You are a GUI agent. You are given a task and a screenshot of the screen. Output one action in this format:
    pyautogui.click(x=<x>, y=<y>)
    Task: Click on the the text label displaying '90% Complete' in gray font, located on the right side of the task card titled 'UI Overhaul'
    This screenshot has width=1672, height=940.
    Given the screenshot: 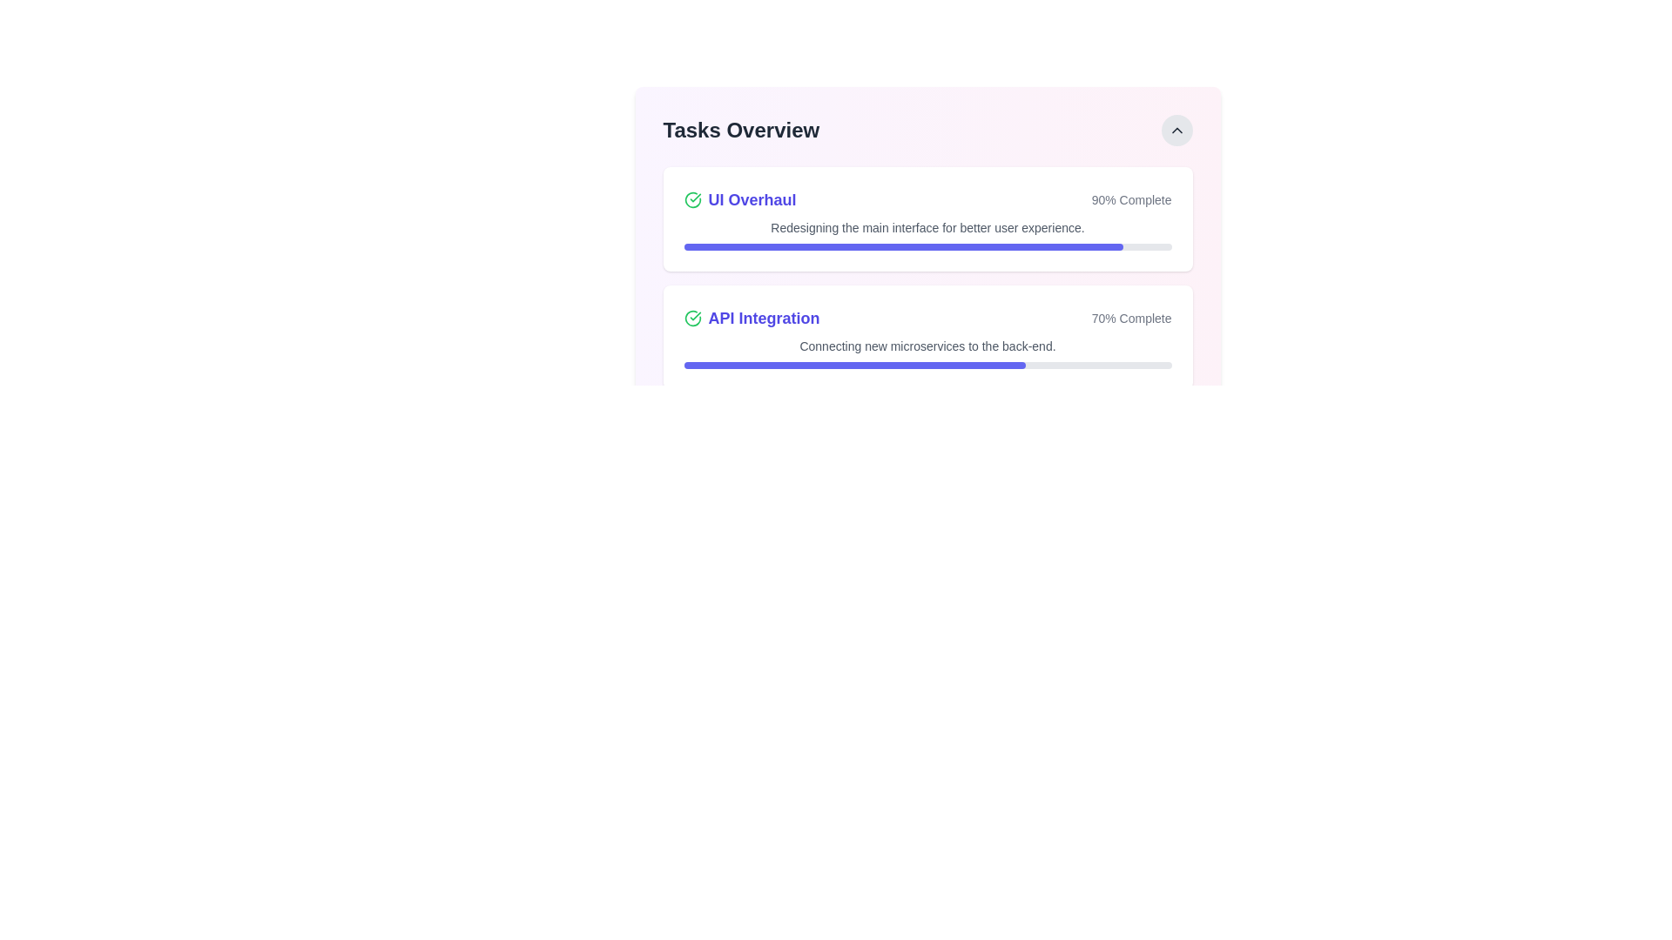 What is the action you would take?
    pyautogui.click(x=1131, y=199)
    